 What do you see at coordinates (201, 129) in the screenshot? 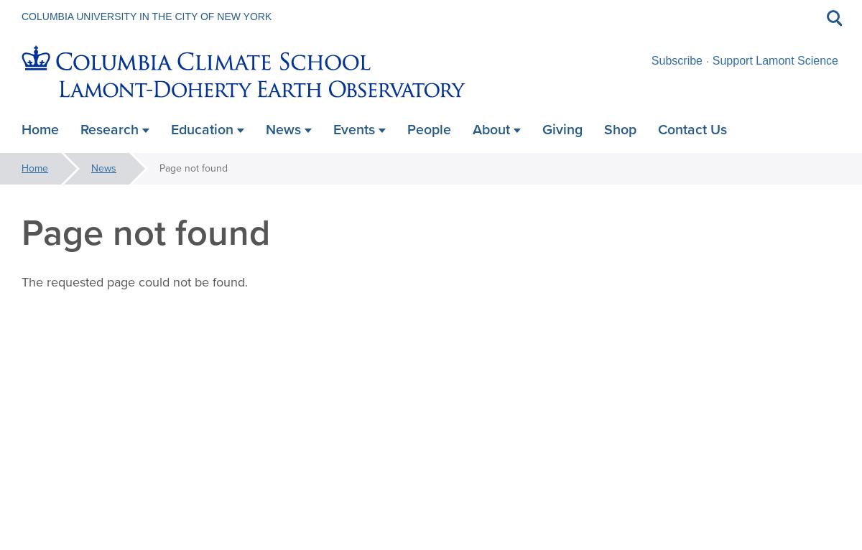
I see `'Education'` at bounding box center [201, 129].